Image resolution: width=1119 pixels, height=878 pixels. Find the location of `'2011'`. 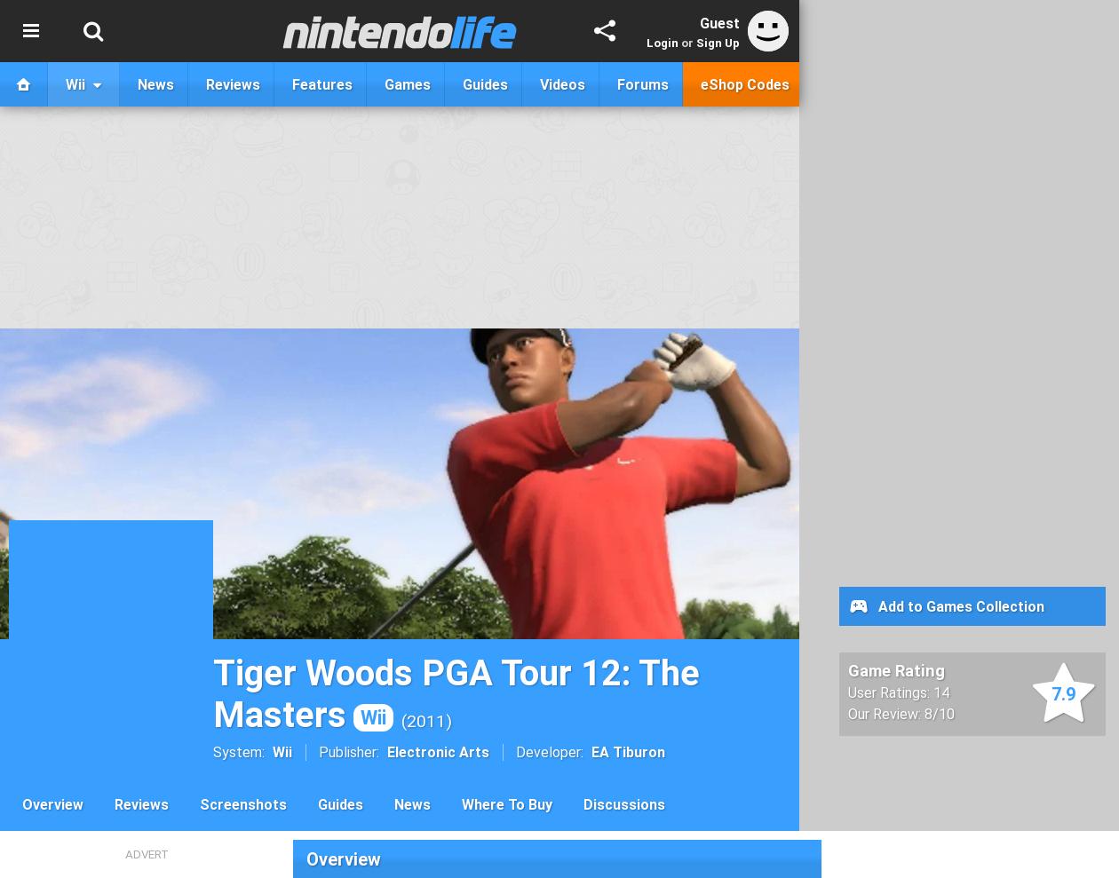

'2011' is located at coordinates (407, 720).